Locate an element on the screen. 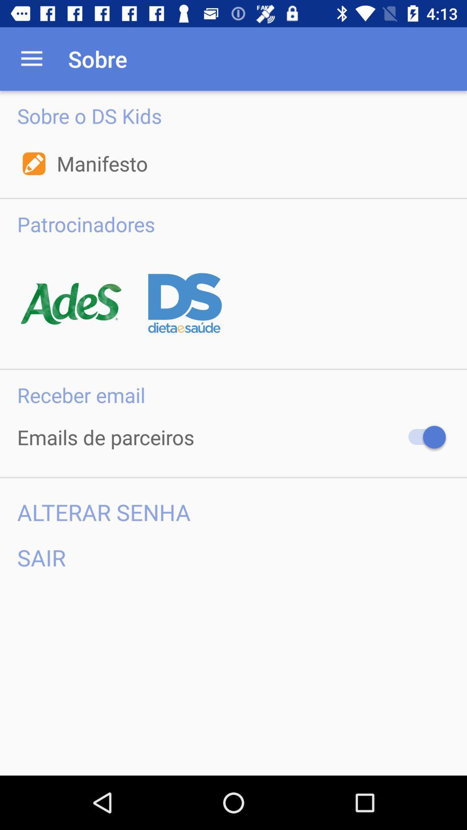 The height and width of the screenshot is (830, 467). the icon next to the sobre icon is located at coordinates (31, 58).